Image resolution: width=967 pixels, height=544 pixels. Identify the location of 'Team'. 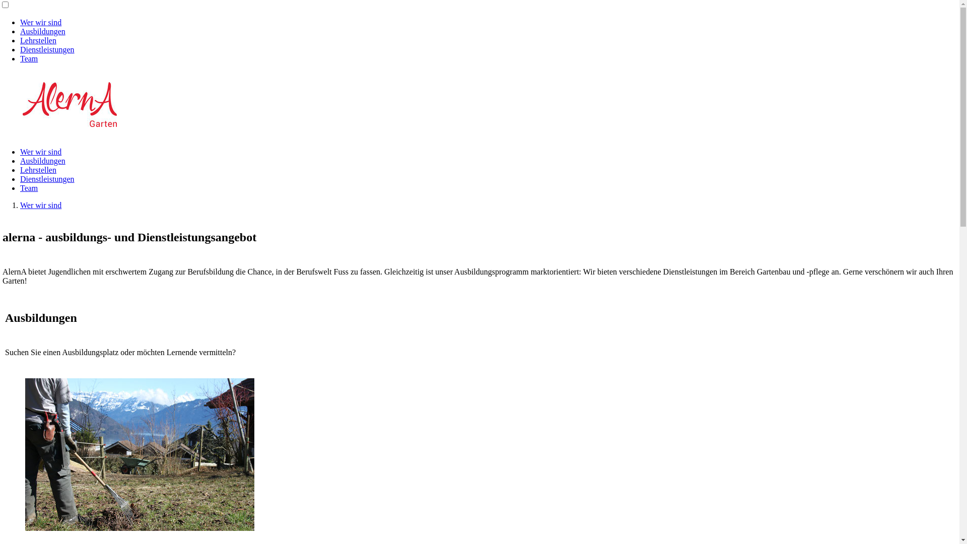
(29, 58).